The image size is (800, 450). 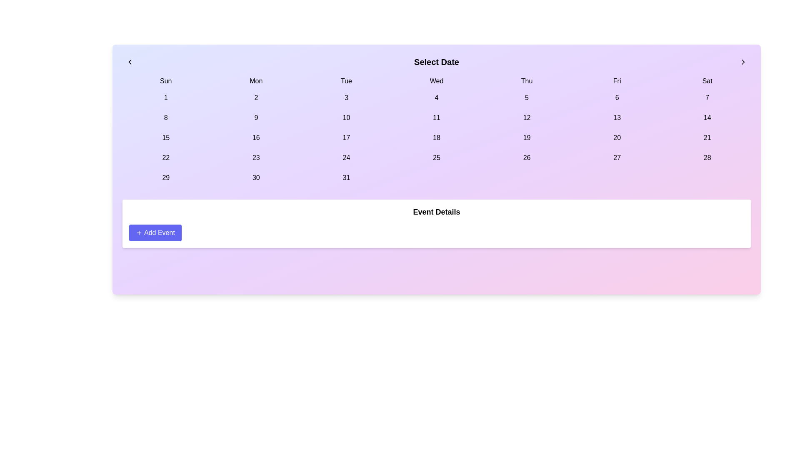 What do you see at coordinates (346, 97) in the screenshot?
I see `the calendar cell representing the third day of the month, located in the third column under 'Tue'` at bounding box center [346, 97].